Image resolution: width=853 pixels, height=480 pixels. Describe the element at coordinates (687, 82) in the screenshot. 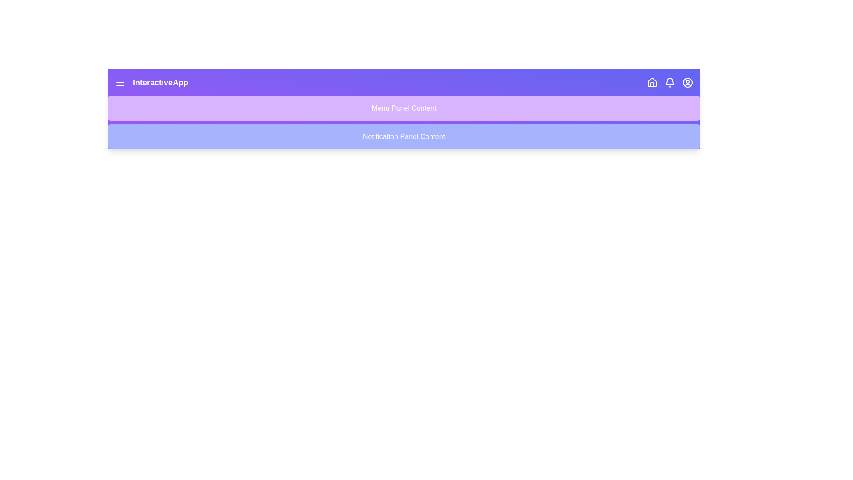

I see `the user profile icon` at that location.